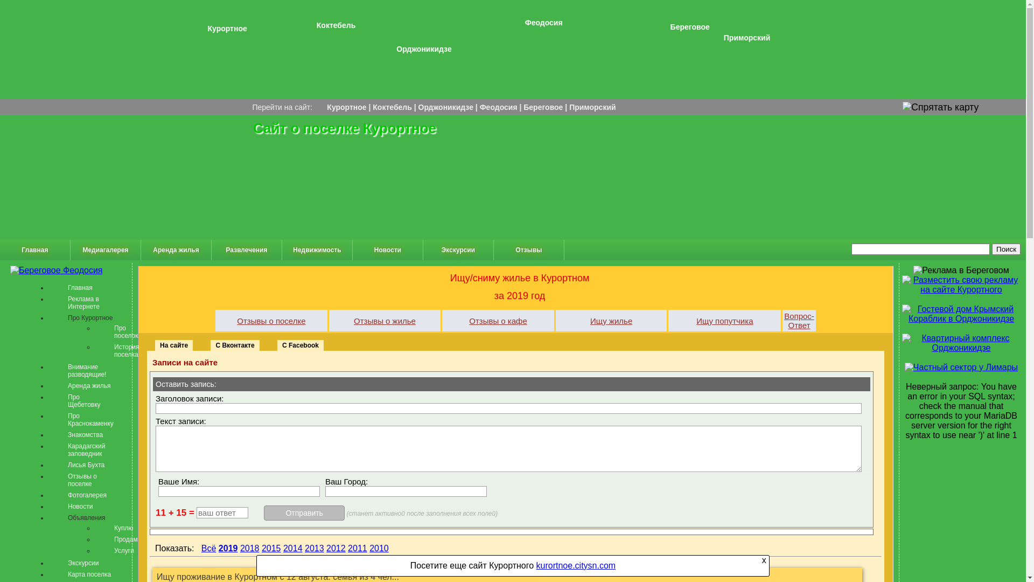  Describe the element at coordinates (292, 548) in the screenshot. I see `'2014'` at that location.